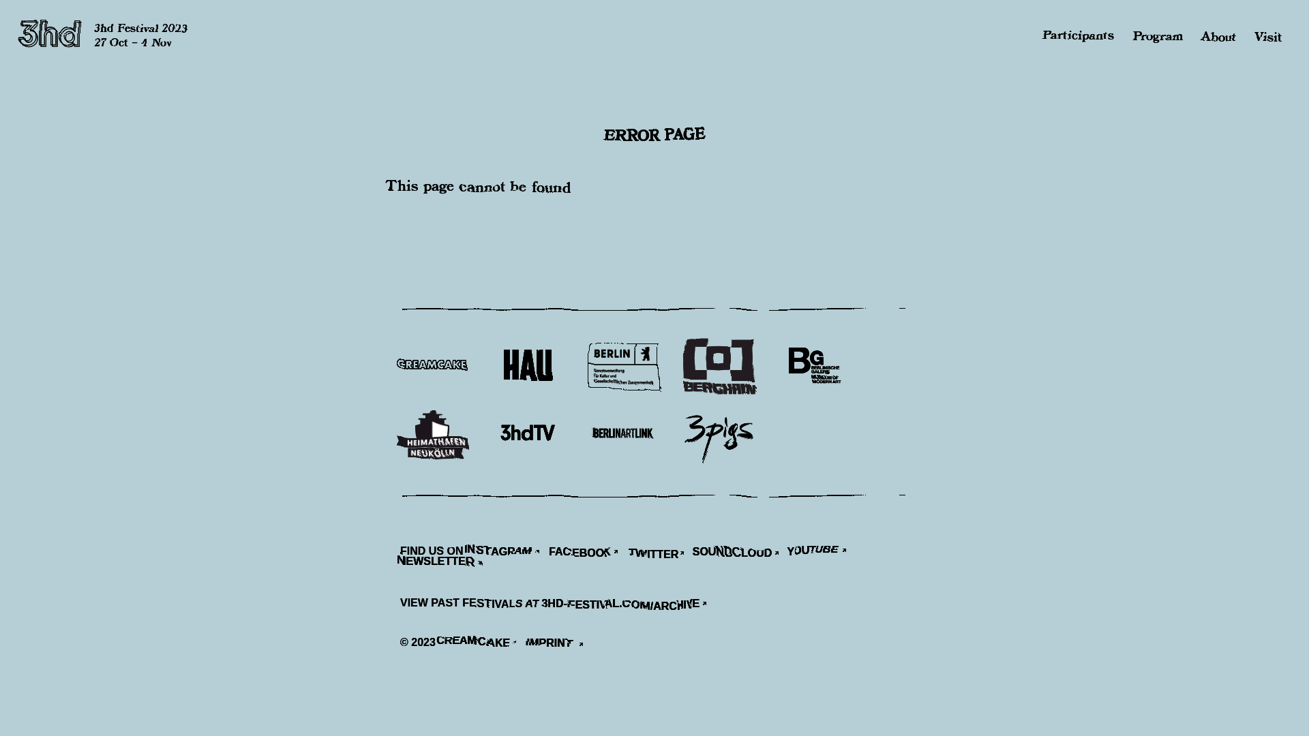 The height and width of the screenshot is (736, 1309). I want to click on 'SOUNDCLOUD', so click(739, 553).